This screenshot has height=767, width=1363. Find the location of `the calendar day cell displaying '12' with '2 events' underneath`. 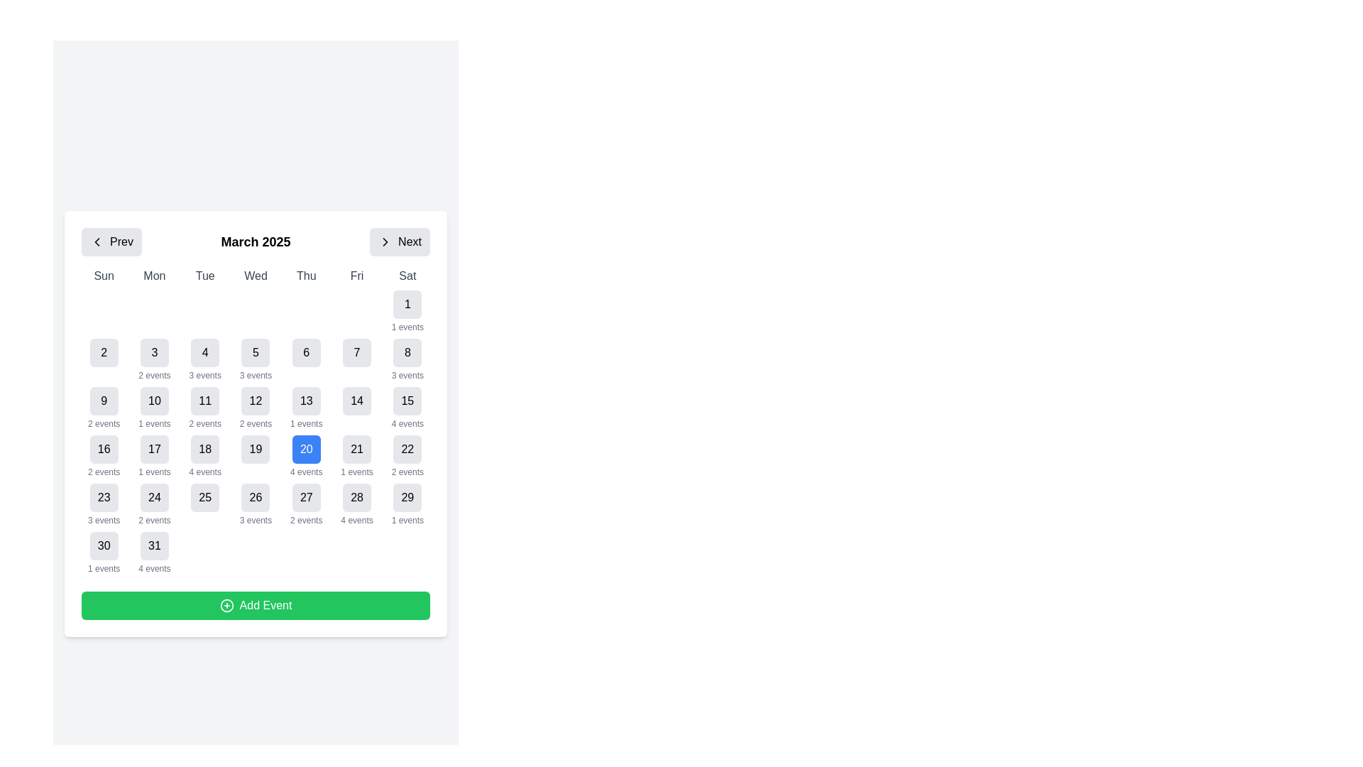

the calendar day cell displaying '12' with '2 events' underneath is located at coordinates (256, 408).